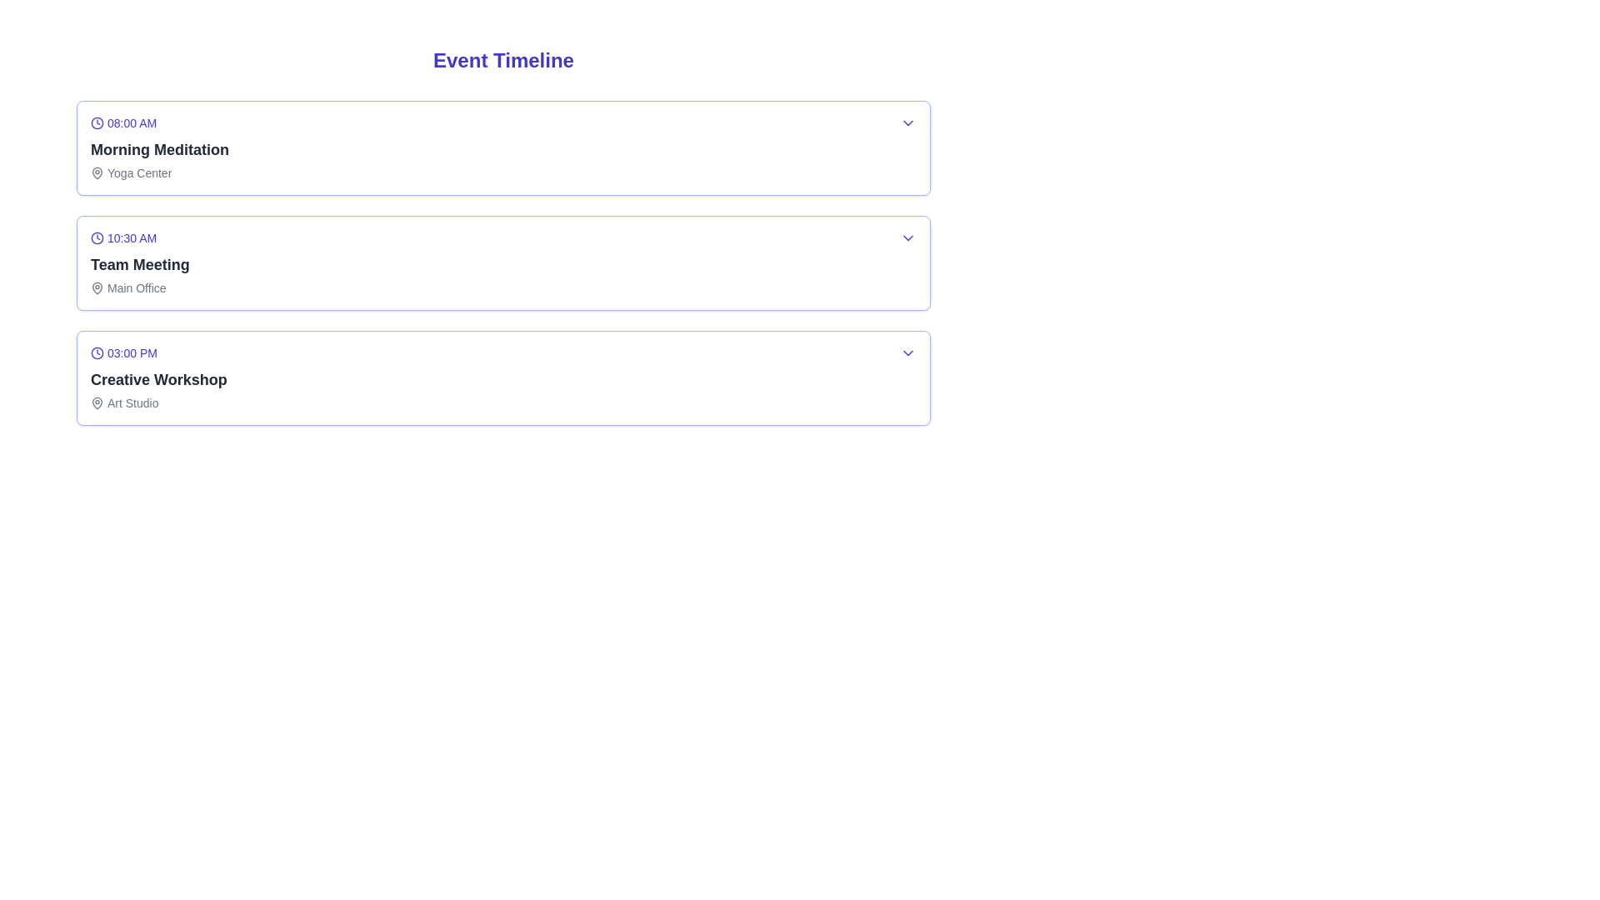 The height and width of the screenshot is (900, 1600). I want to click on the small circular clock icon located to the left of the time text '10:30 AM' within the second event card, so click(96, 237).